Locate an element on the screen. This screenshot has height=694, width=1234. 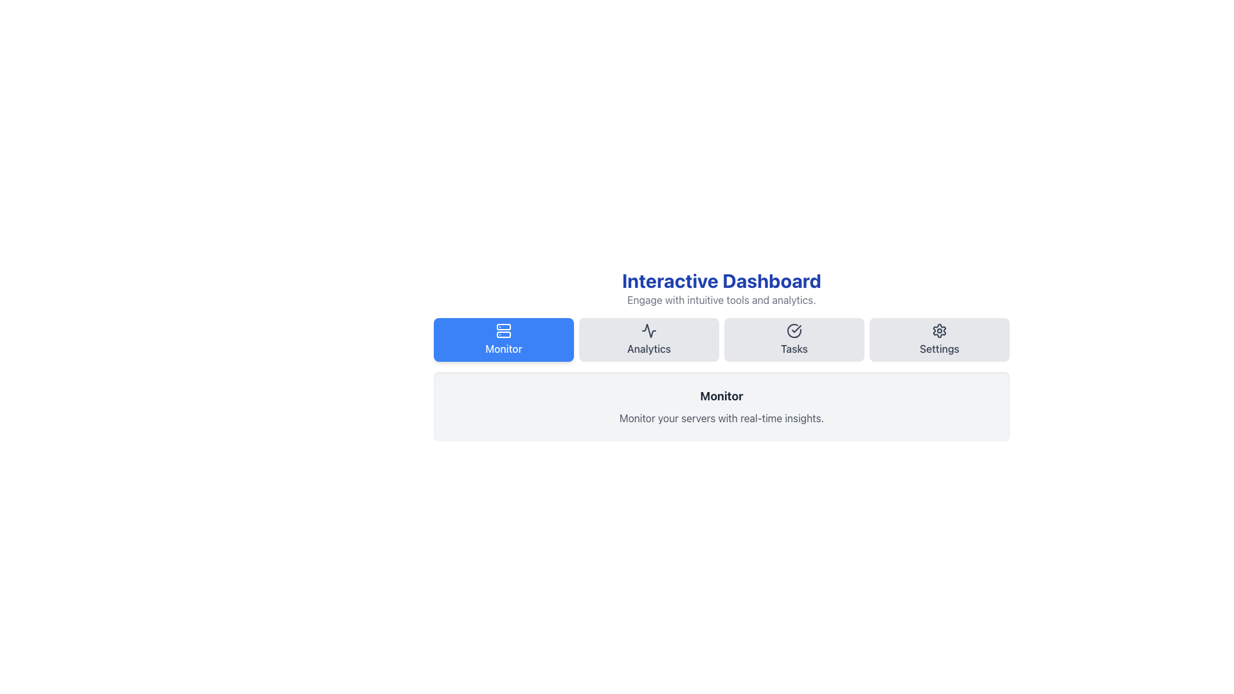
the bold header text 'Monitor' which is centered above the detailed description text is located at coordinates (722, 396).